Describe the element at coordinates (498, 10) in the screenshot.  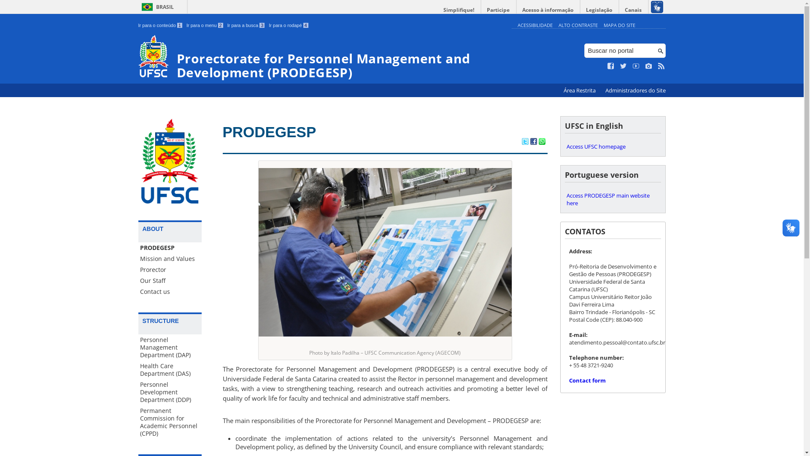
I see `'Participe'` at that location.